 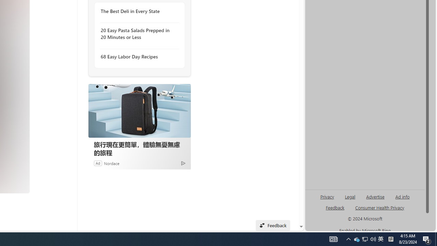 I want to click on 'The Best Deli in Every State', so click(x=137, y=11).